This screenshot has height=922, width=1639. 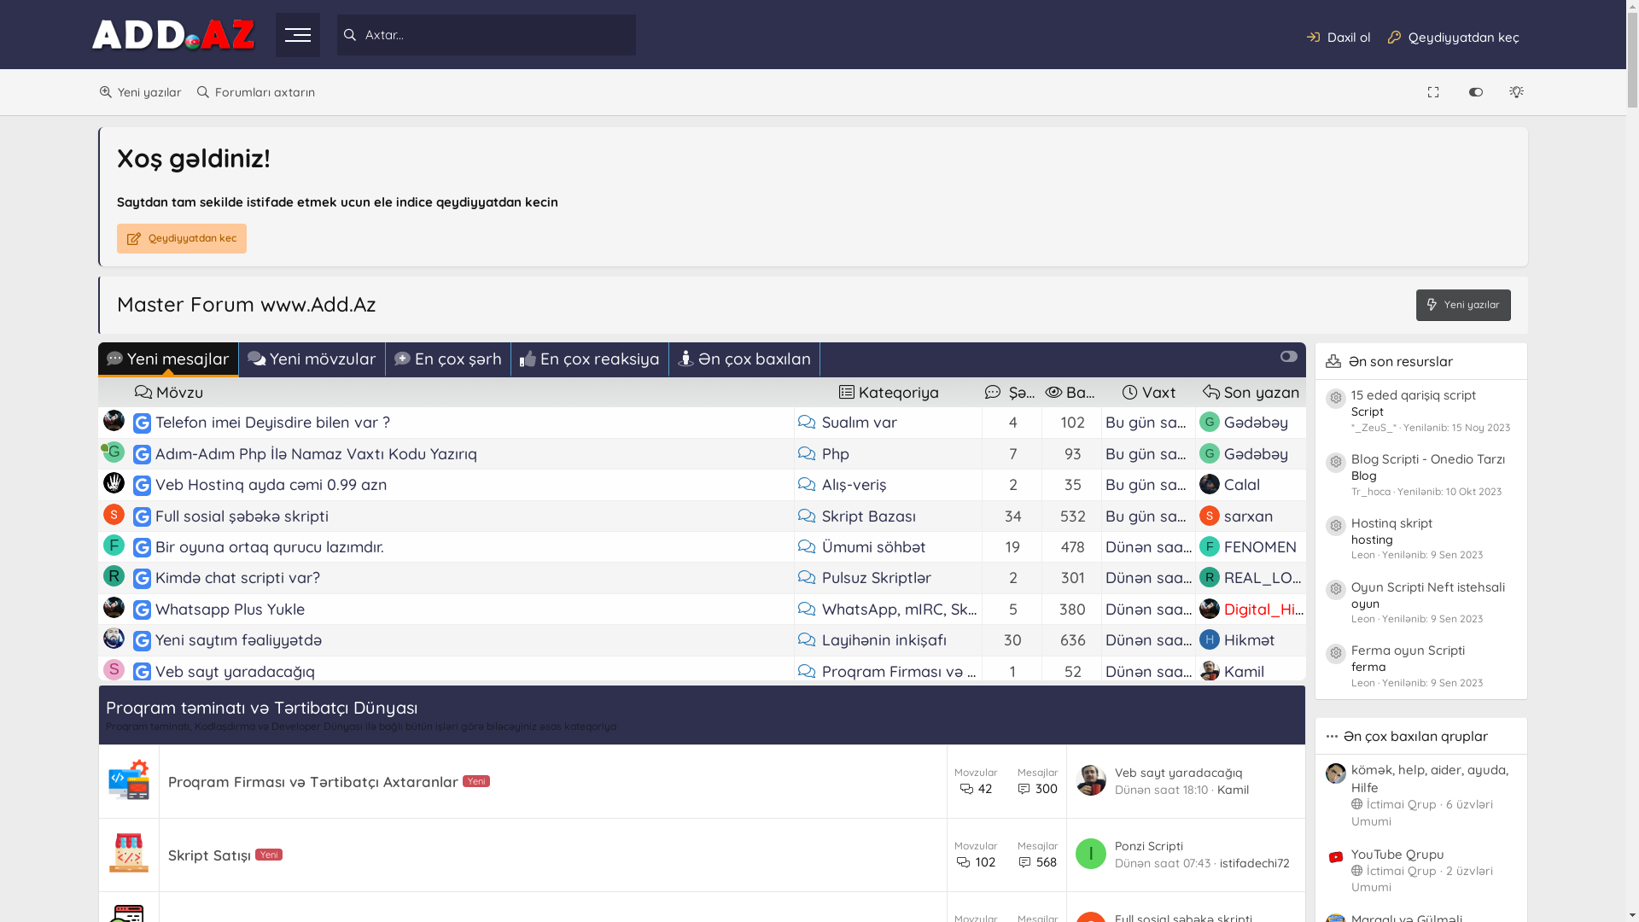 What do you see at coordinates (113, 545) in the screenshot?
I see `'F'` at bounding box center [113, 545].